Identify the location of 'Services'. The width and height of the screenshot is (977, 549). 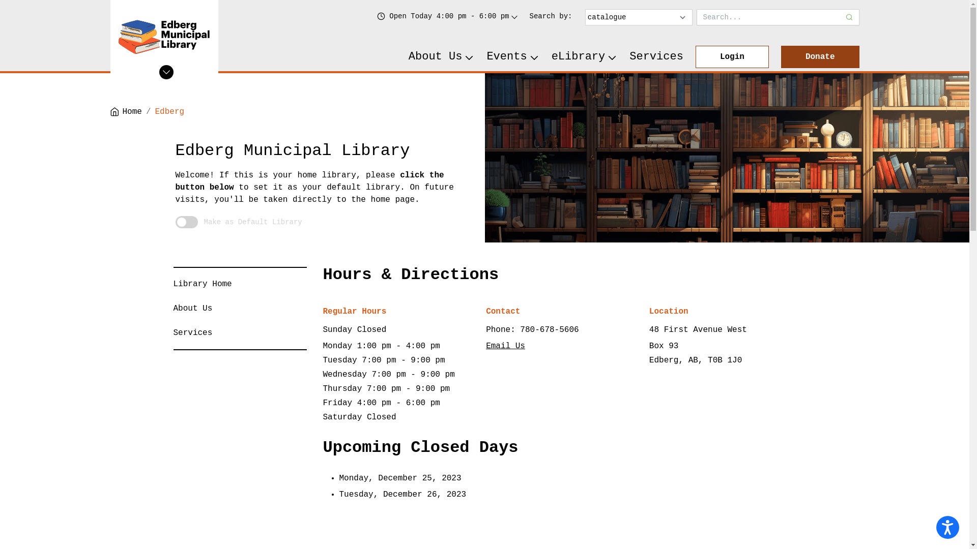
(192, 333).